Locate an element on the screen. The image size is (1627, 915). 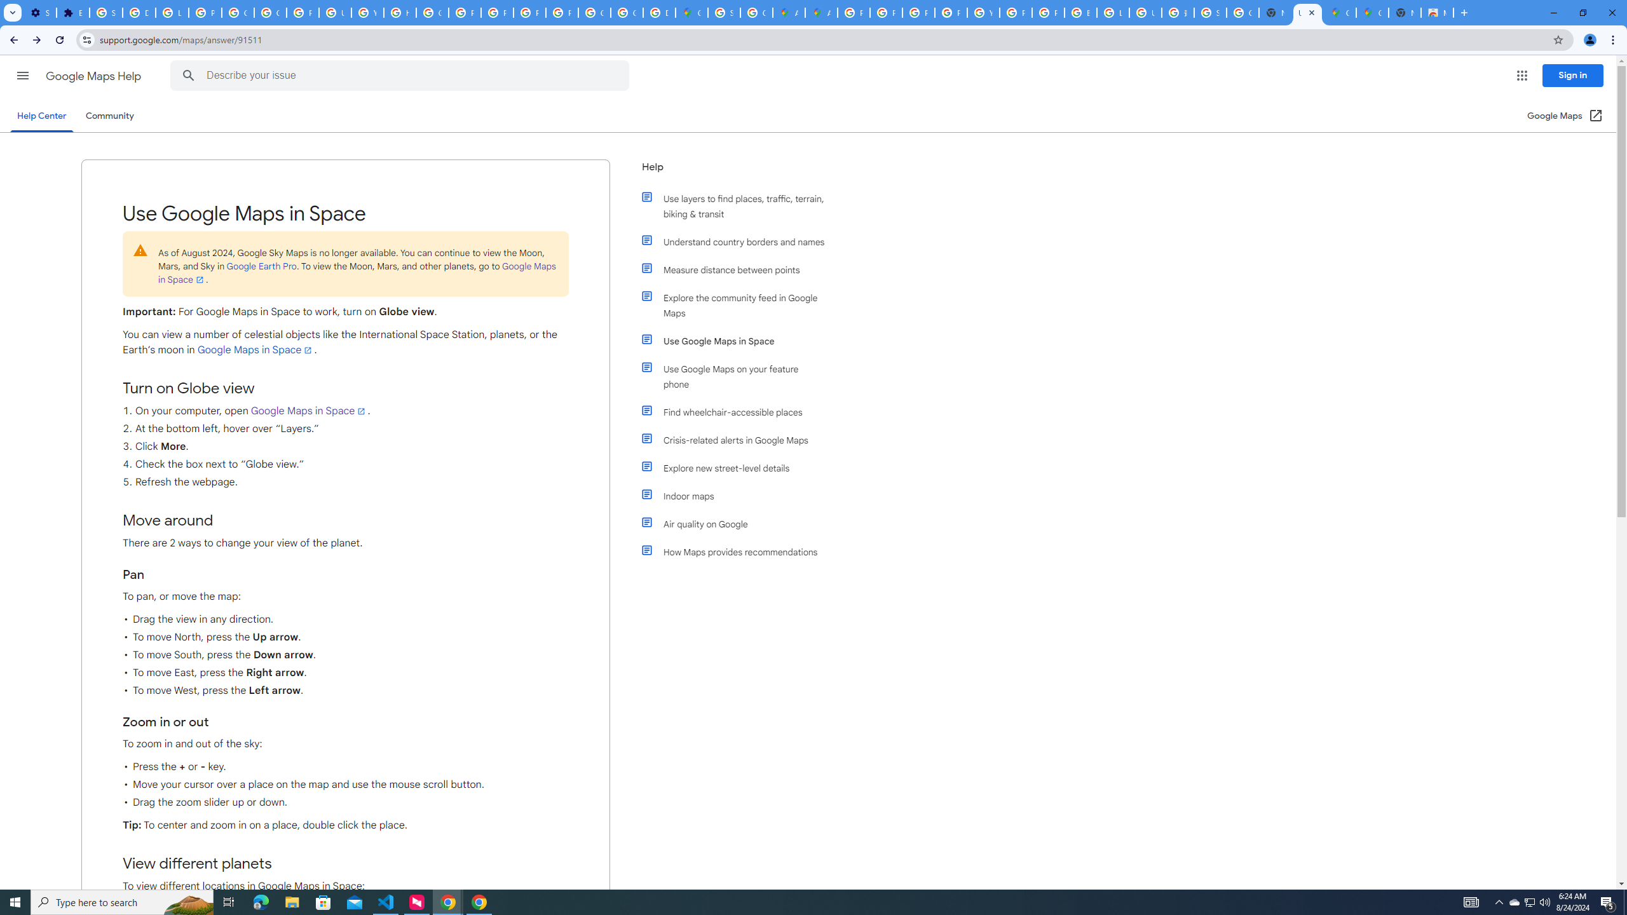
'Explore the community feed in Google Maps' is located at coordinates (739, 304).